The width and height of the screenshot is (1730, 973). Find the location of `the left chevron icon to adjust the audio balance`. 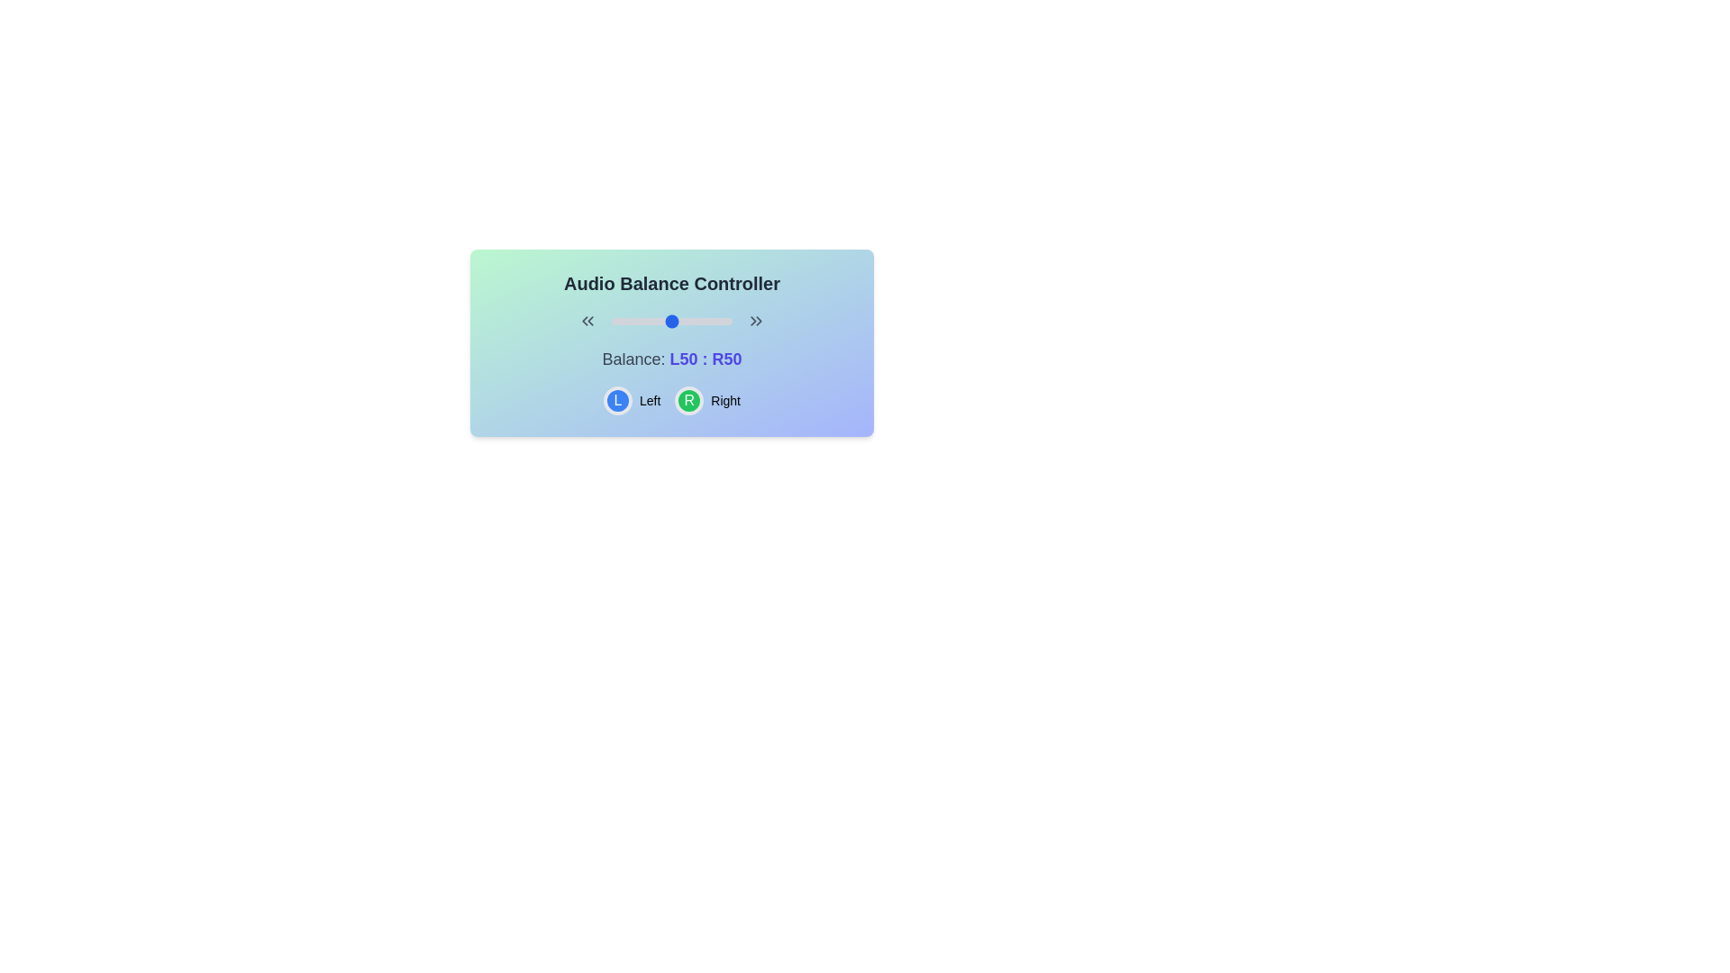

the left chevron icon to adjust the audio balance is located at coordinates (587, 321).